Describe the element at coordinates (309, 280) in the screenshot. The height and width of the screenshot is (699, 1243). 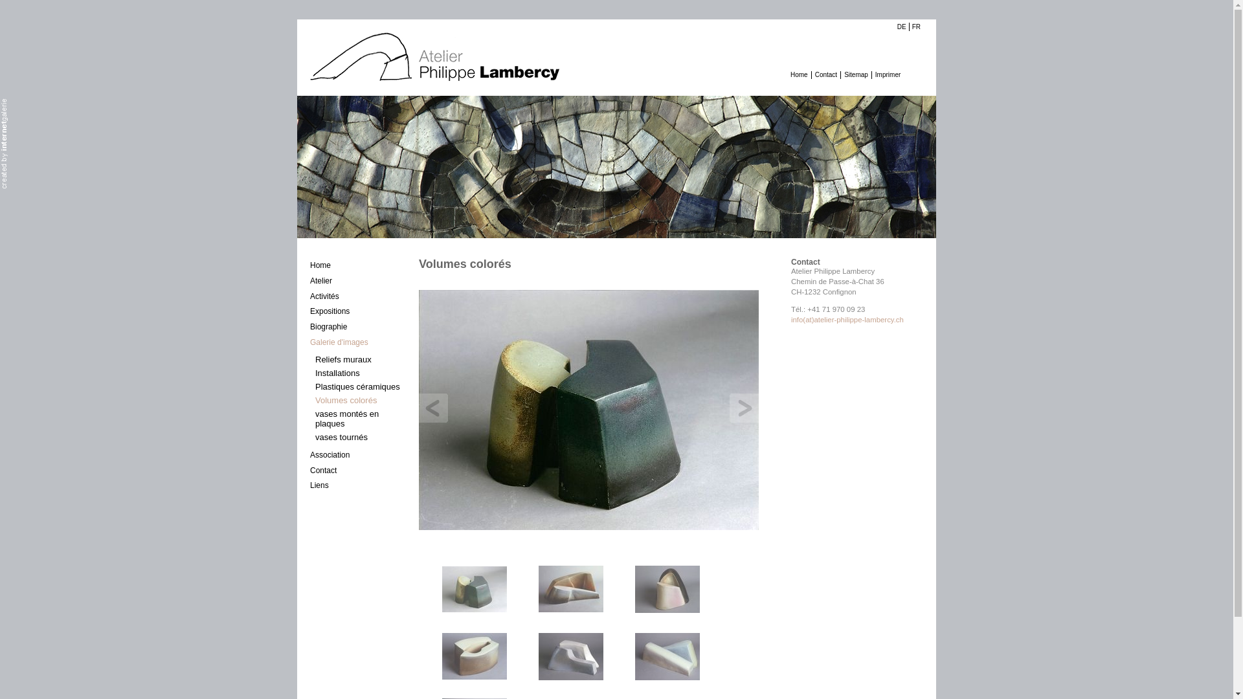
I see `'Atelier'` at that location.